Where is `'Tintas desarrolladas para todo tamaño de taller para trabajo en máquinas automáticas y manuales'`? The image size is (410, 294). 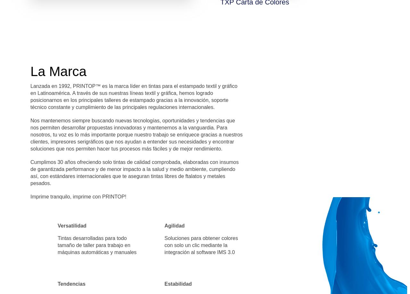
'Tintas desarrolladas para todo tamaño de taller para trabajo en máquinas automáticas y manuales' is located at coordinates (57, 245).